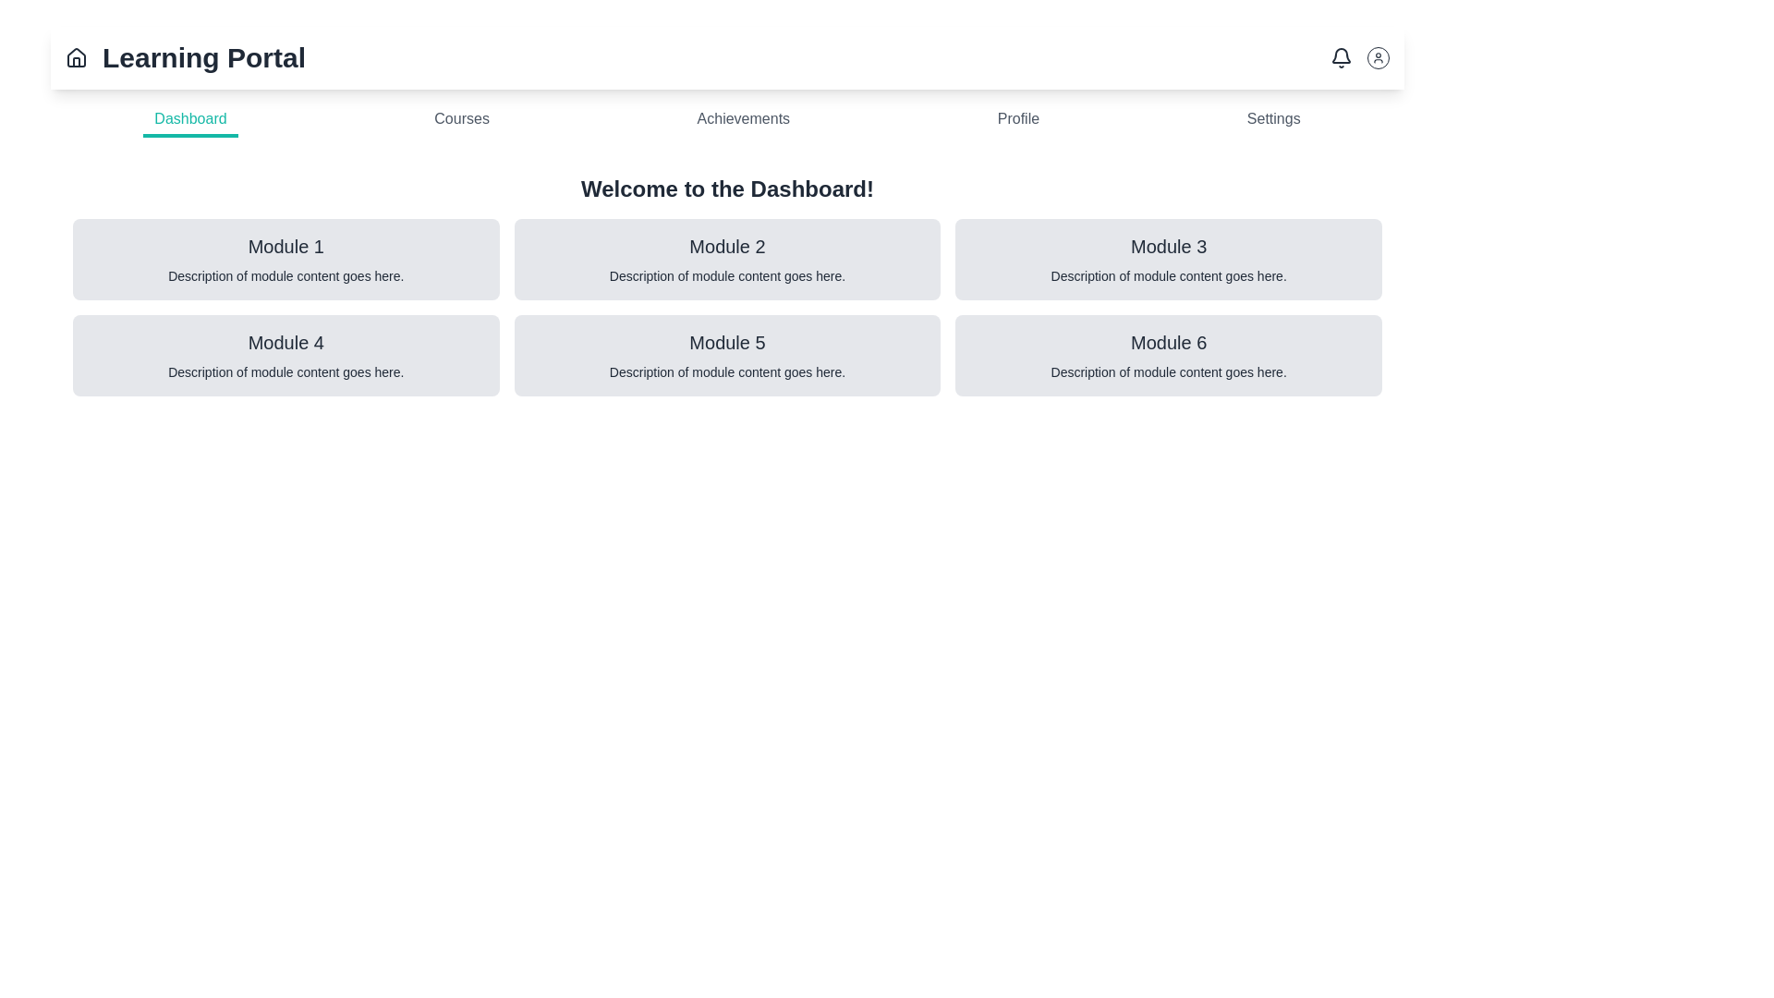 This screenshot has height=998, width=1774. What do you see at coordinates (1168, 245) in the screenshot?
I see `text label at the center-top of the 'Module 3' card, which summarizes the content of the card` at bounding box center [1168, 245].